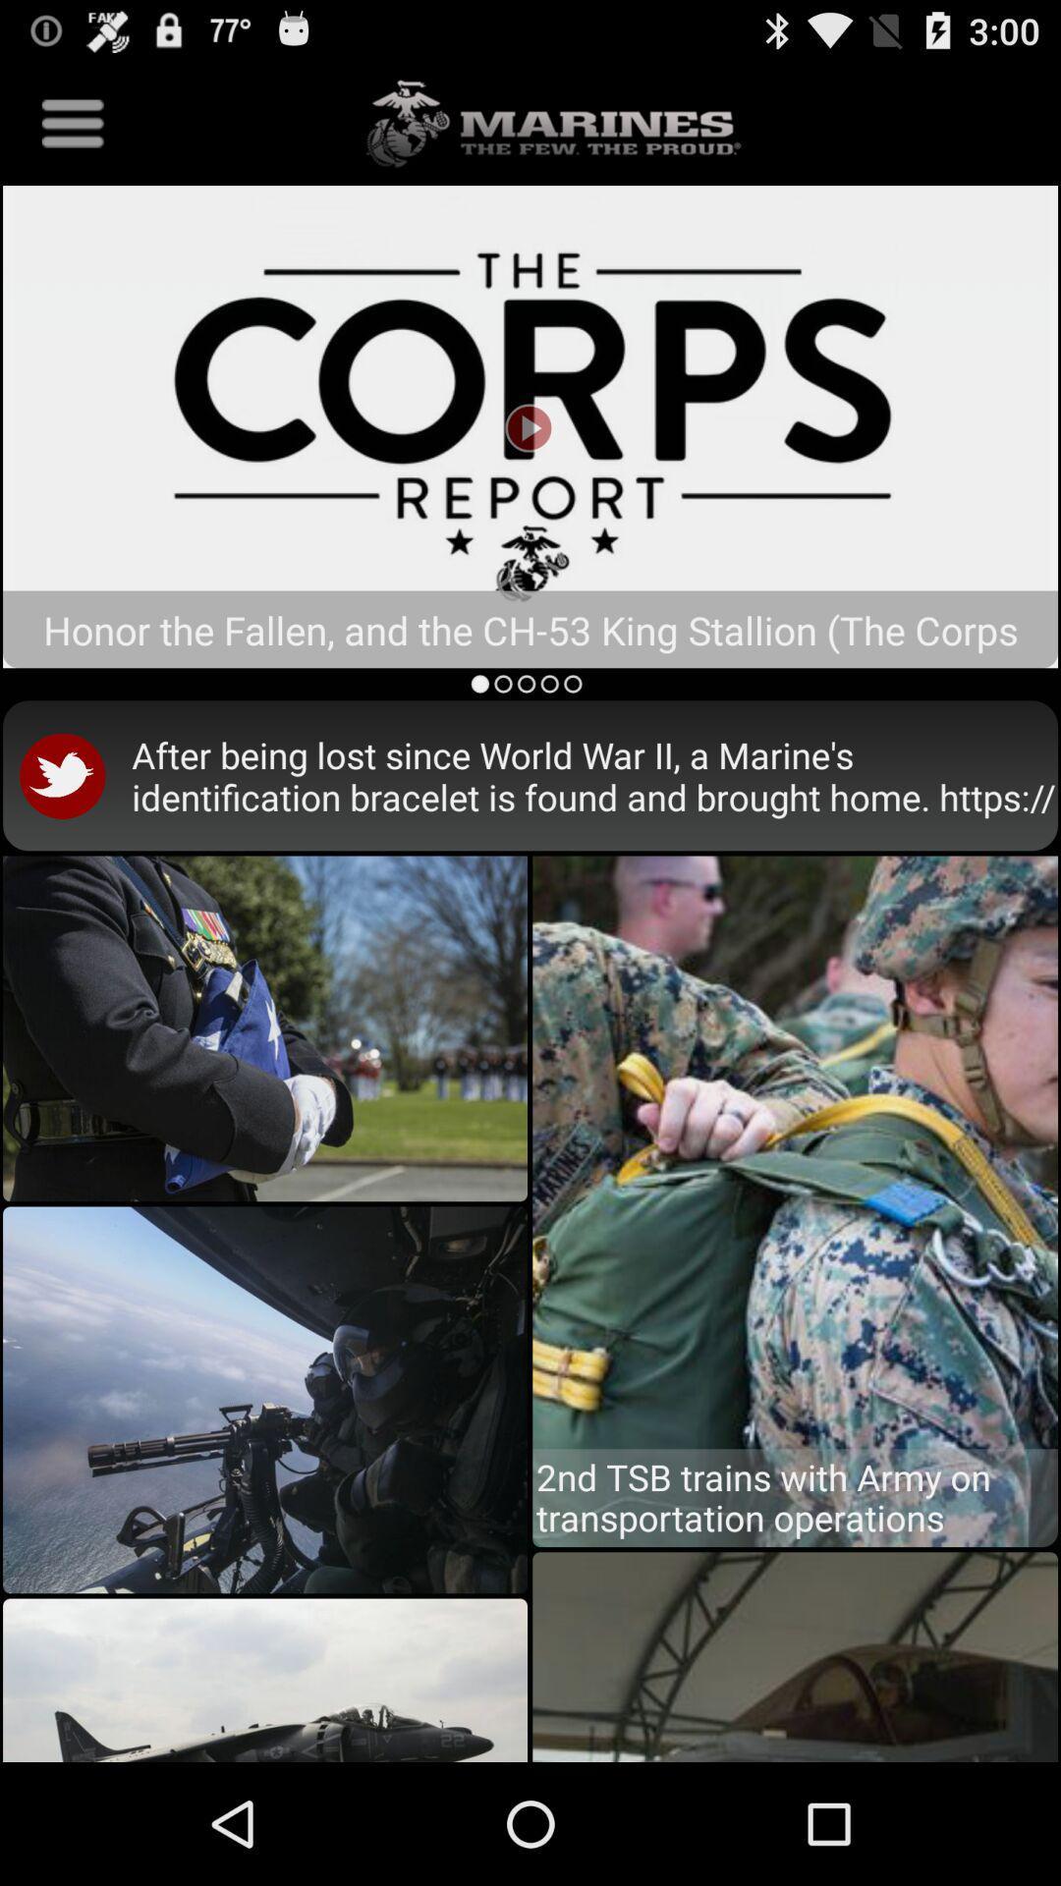 The image size is (1061, 1886). What do you see at coordinates (72, 122) in the screenshot?
I see `menu button at top left` at bounding box center [72, 122].